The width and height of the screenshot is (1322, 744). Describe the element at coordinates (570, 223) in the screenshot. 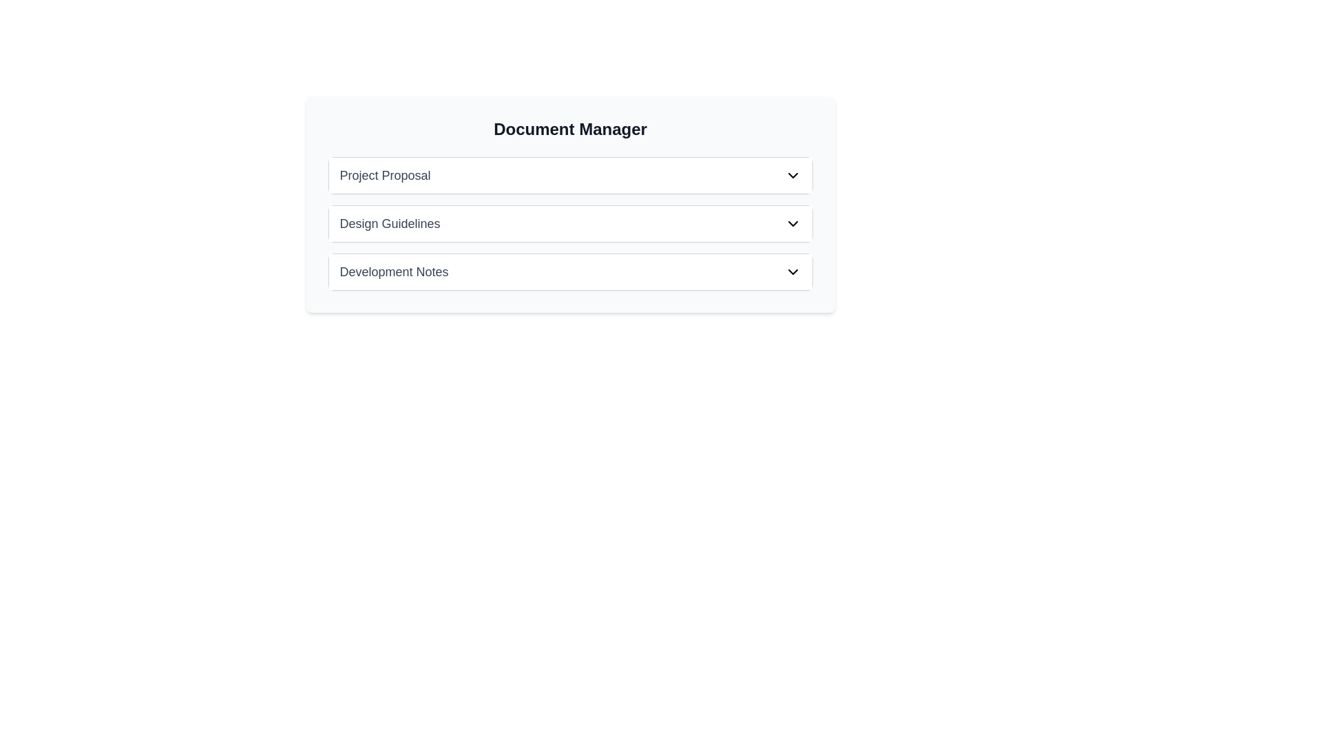

I see `the second entry in the collapsible list, labeled 'Design Guidelines'` at that location.